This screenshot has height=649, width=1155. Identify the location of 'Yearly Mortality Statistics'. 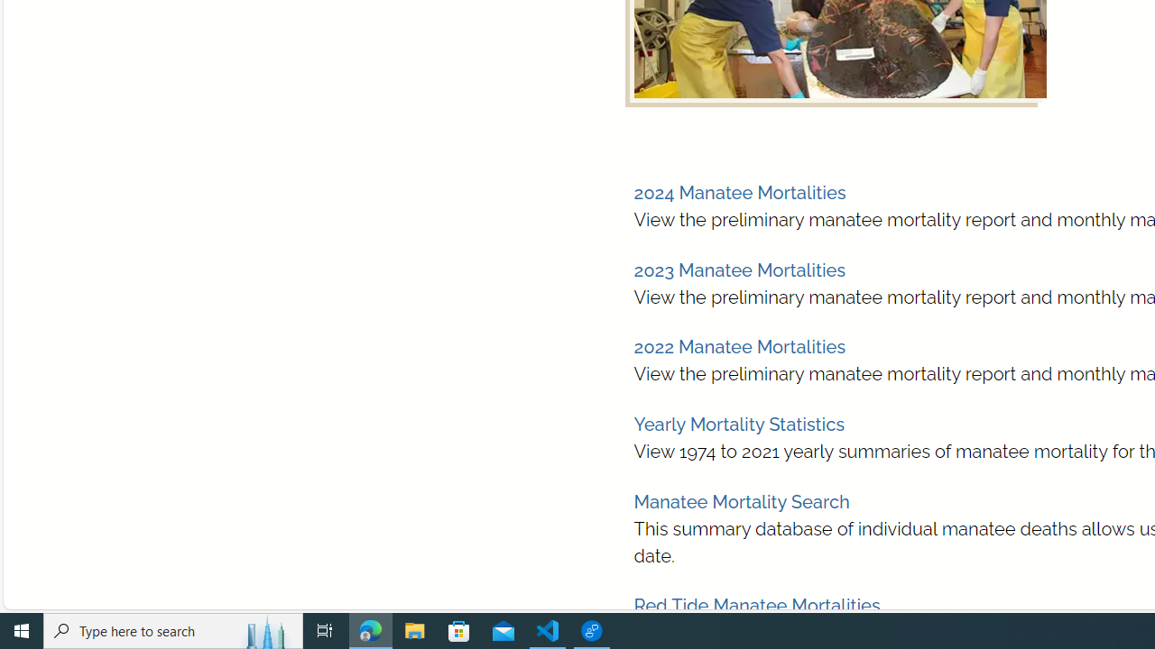
(739, 425).